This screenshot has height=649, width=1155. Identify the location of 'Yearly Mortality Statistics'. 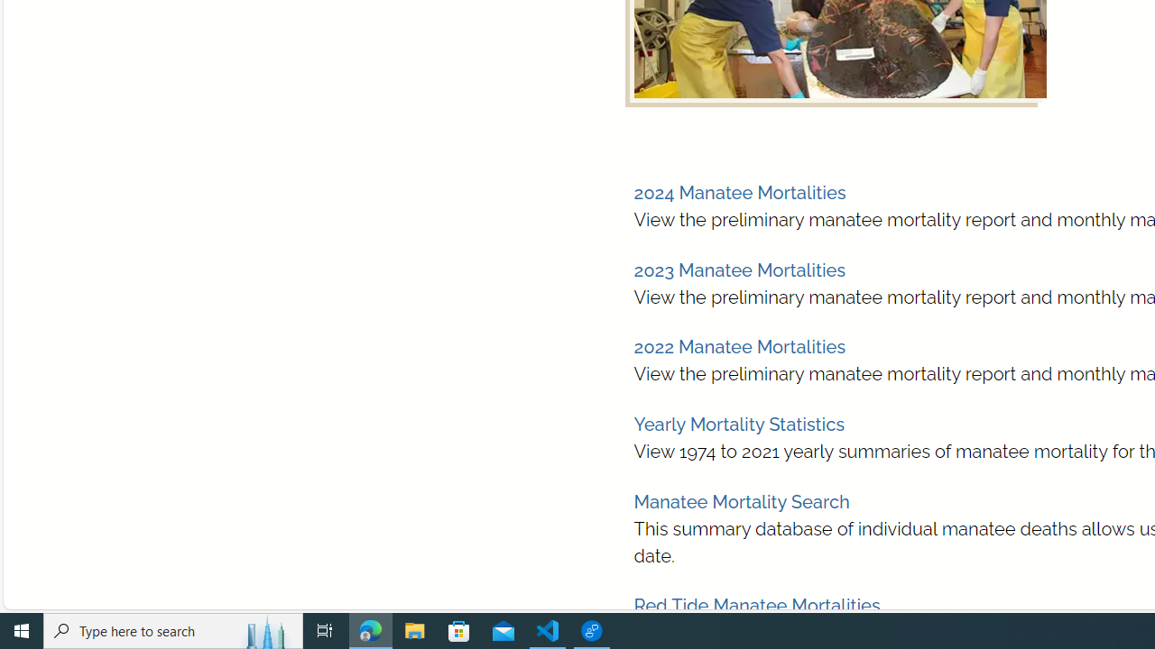
(739, 425).